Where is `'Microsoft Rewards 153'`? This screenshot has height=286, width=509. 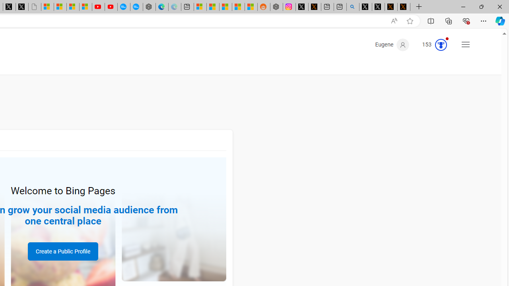 'Microsoft Rewards 153' is located at coordinates (431, 45).